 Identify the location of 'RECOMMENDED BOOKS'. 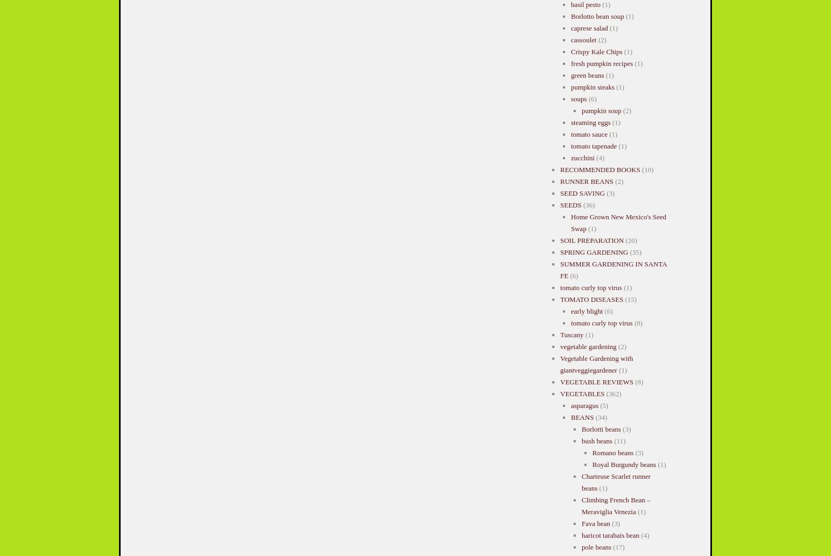
(599, 169).